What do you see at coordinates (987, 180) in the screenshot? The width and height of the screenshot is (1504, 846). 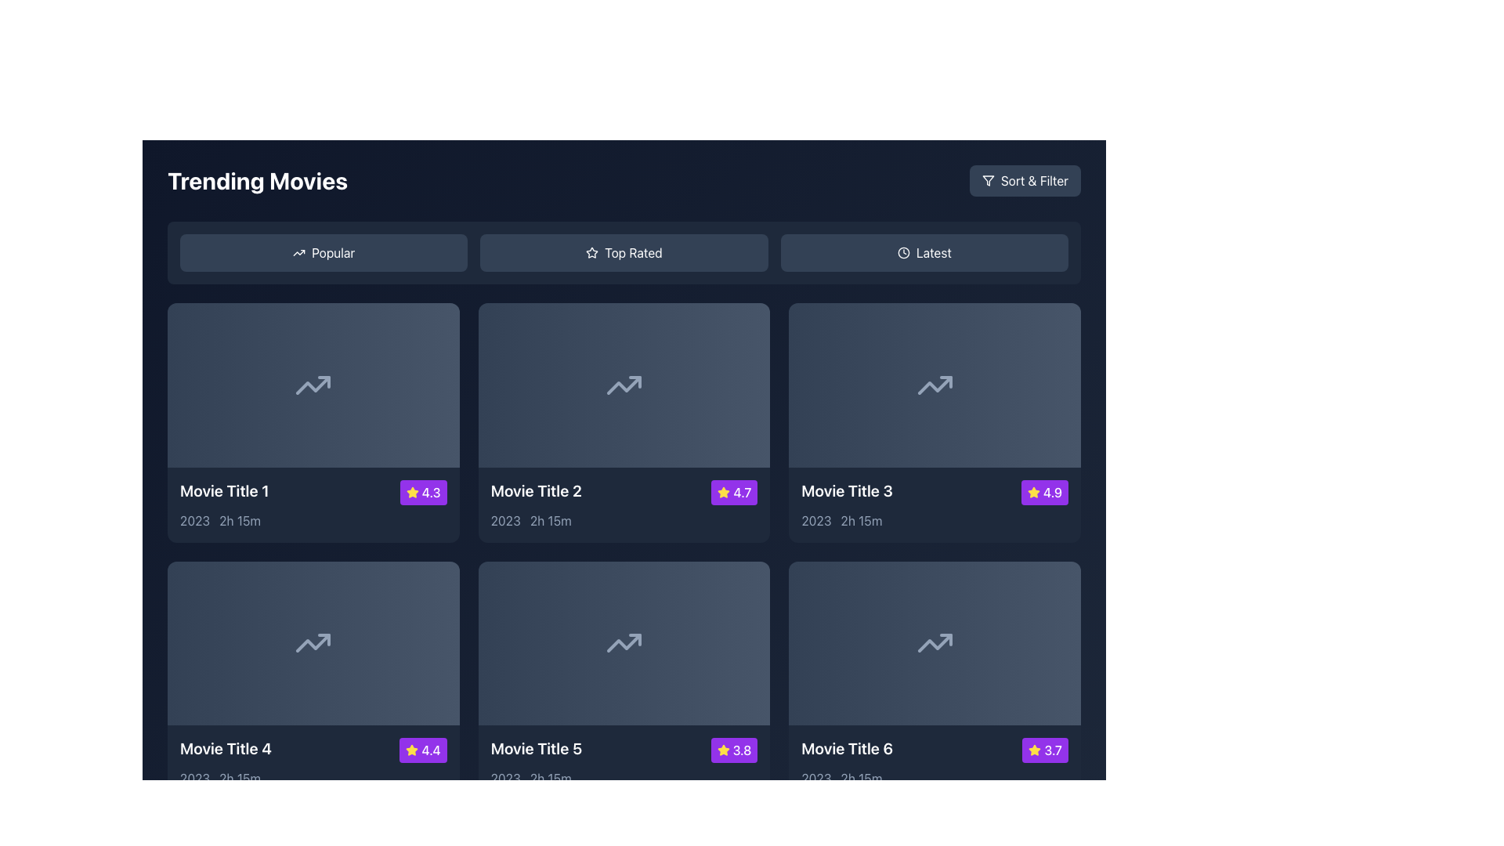 I see `the 'Sort & Filter' button, which contains a small funnel-like icon to the left of the text` at bounding box center [987, 180].